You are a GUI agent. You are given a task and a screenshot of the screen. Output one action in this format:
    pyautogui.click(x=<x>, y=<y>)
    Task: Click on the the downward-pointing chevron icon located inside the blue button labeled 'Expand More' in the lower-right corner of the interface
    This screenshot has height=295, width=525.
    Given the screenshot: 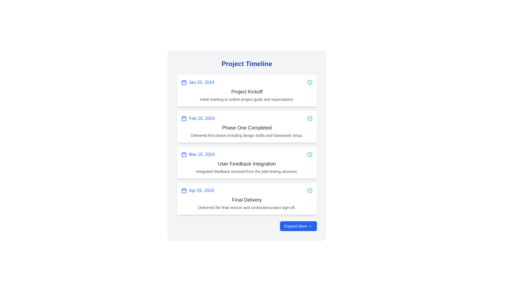 What is the action you would take?
    pyautogui.click(x=310, y=226)
    